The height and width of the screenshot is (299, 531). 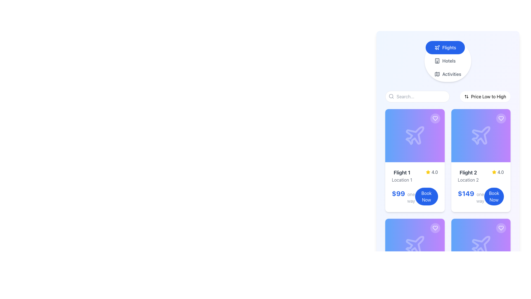 I want to click on the Decorative panel featuring a gradient background with a plane icon and a heart icon button located in the upper right corner, which is positioned on the right column in the second card from the top, so click(x=480, y=135).